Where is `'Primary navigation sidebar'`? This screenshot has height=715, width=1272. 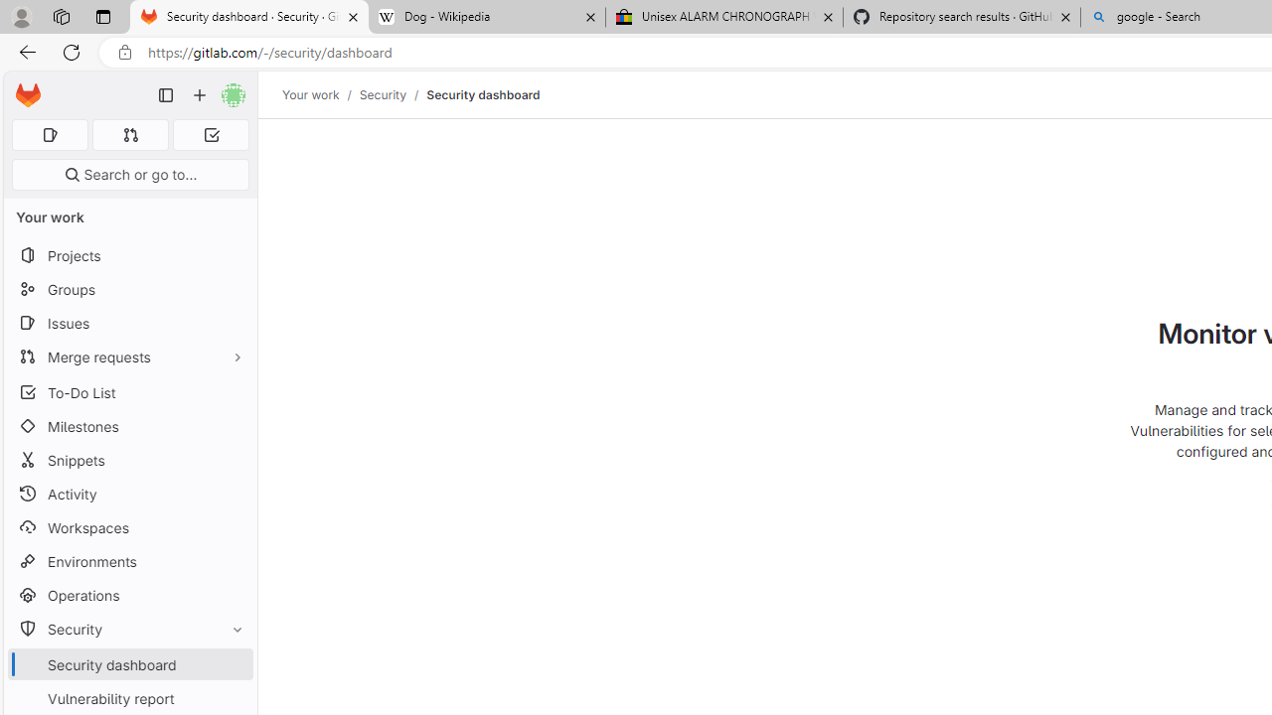
'Primary navigation sidebar' is located at coordinates (166, 95).